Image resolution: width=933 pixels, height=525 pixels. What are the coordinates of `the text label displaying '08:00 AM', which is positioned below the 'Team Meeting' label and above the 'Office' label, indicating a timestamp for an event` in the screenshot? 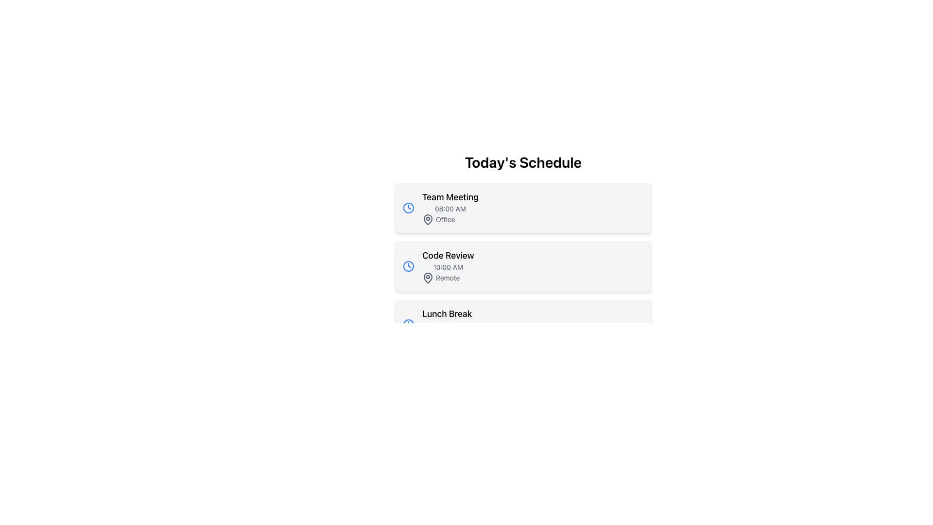 It's located at (449, 208).